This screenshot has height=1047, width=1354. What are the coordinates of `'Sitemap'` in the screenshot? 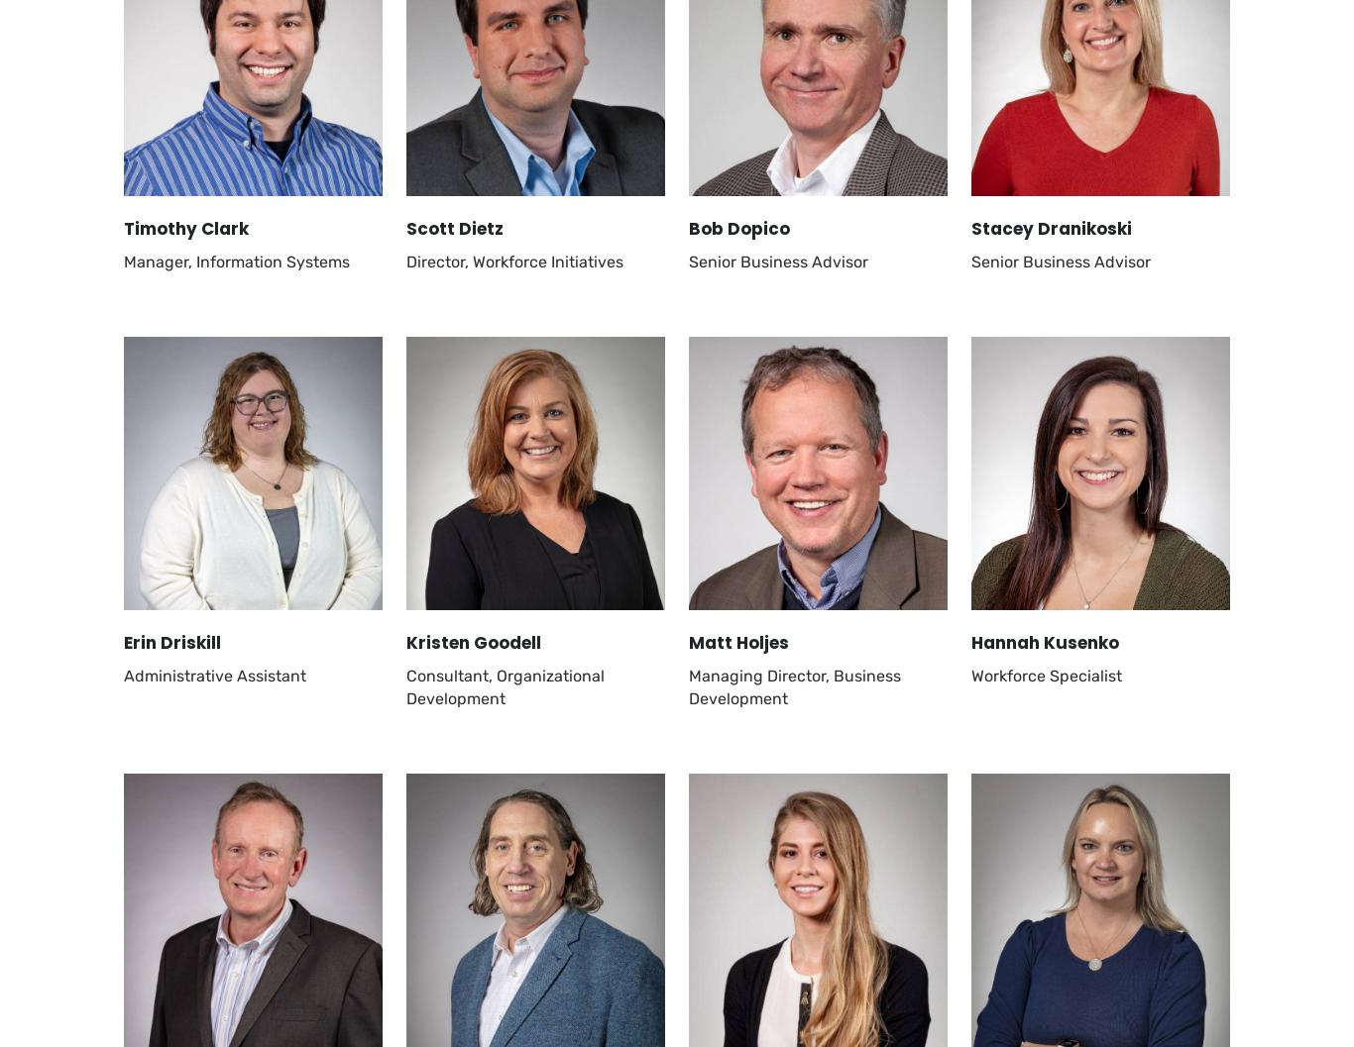 It's located at (972, 611).